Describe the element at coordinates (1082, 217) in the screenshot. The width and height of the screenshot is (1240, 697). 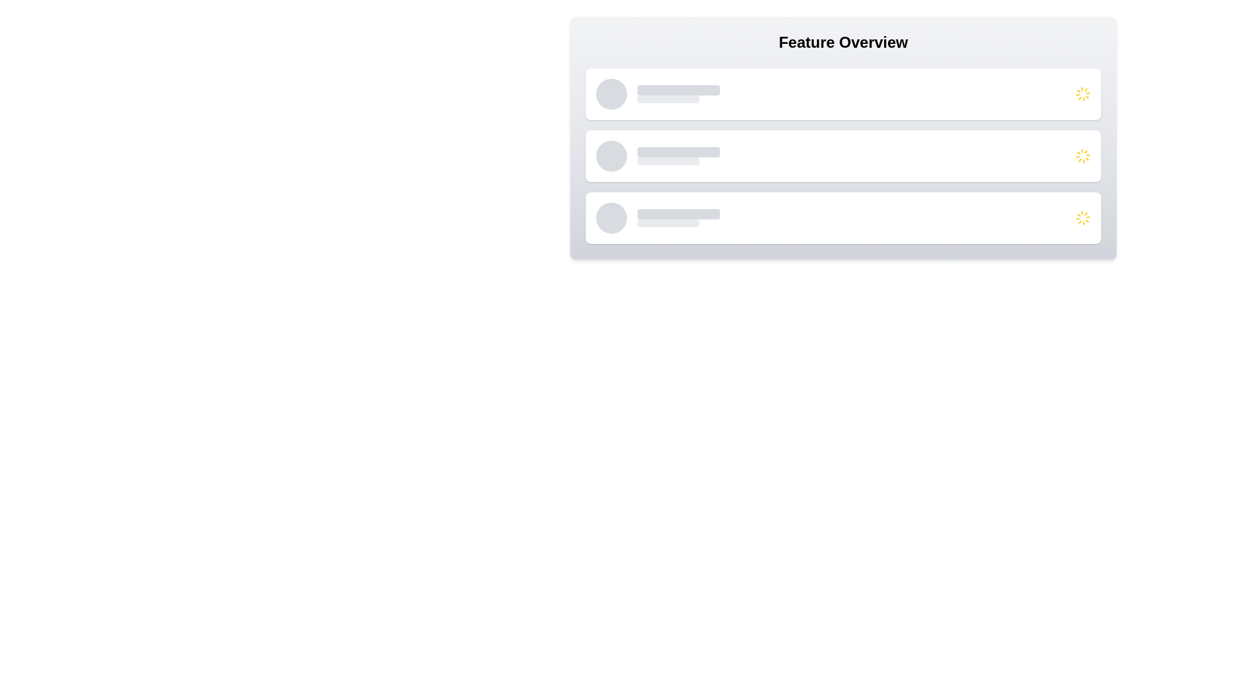
I see `the spinning motion of the loader icon located on the right side of the third card in the vertical list of cards` at that location.